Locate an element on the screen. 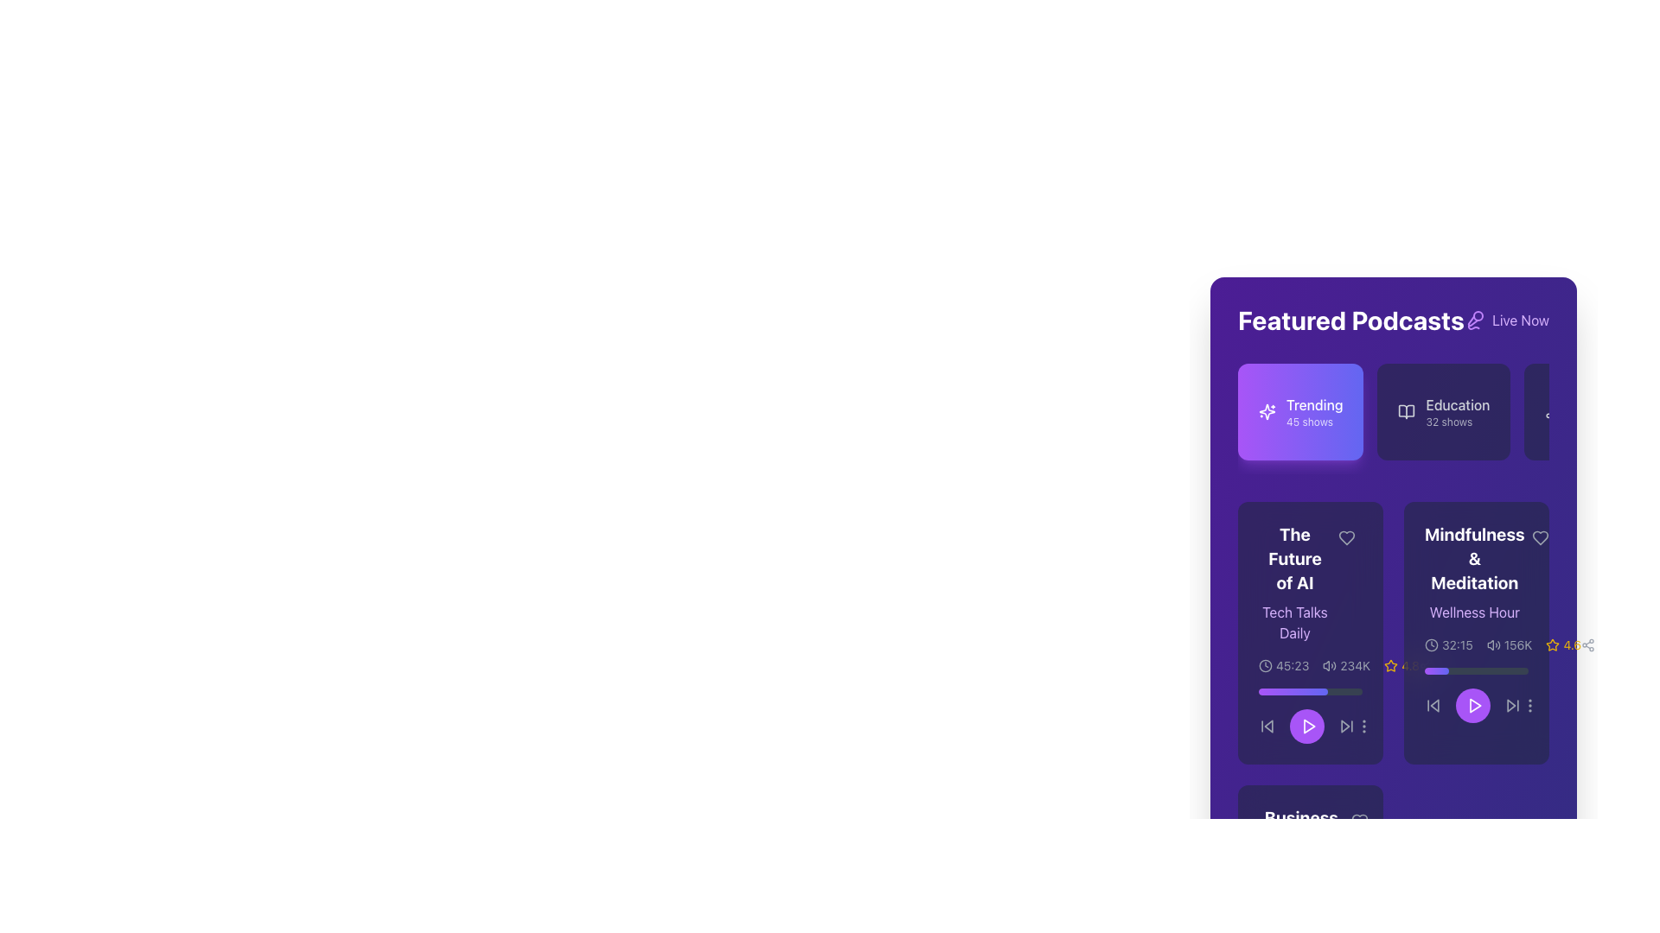 The height and width of the screenshot is (933, 1660). the rating indicator located at the bottom portion of the 'Mindfulness & Meditation' box, specifically to the right of the play button is located at coordinates (1401, 665).